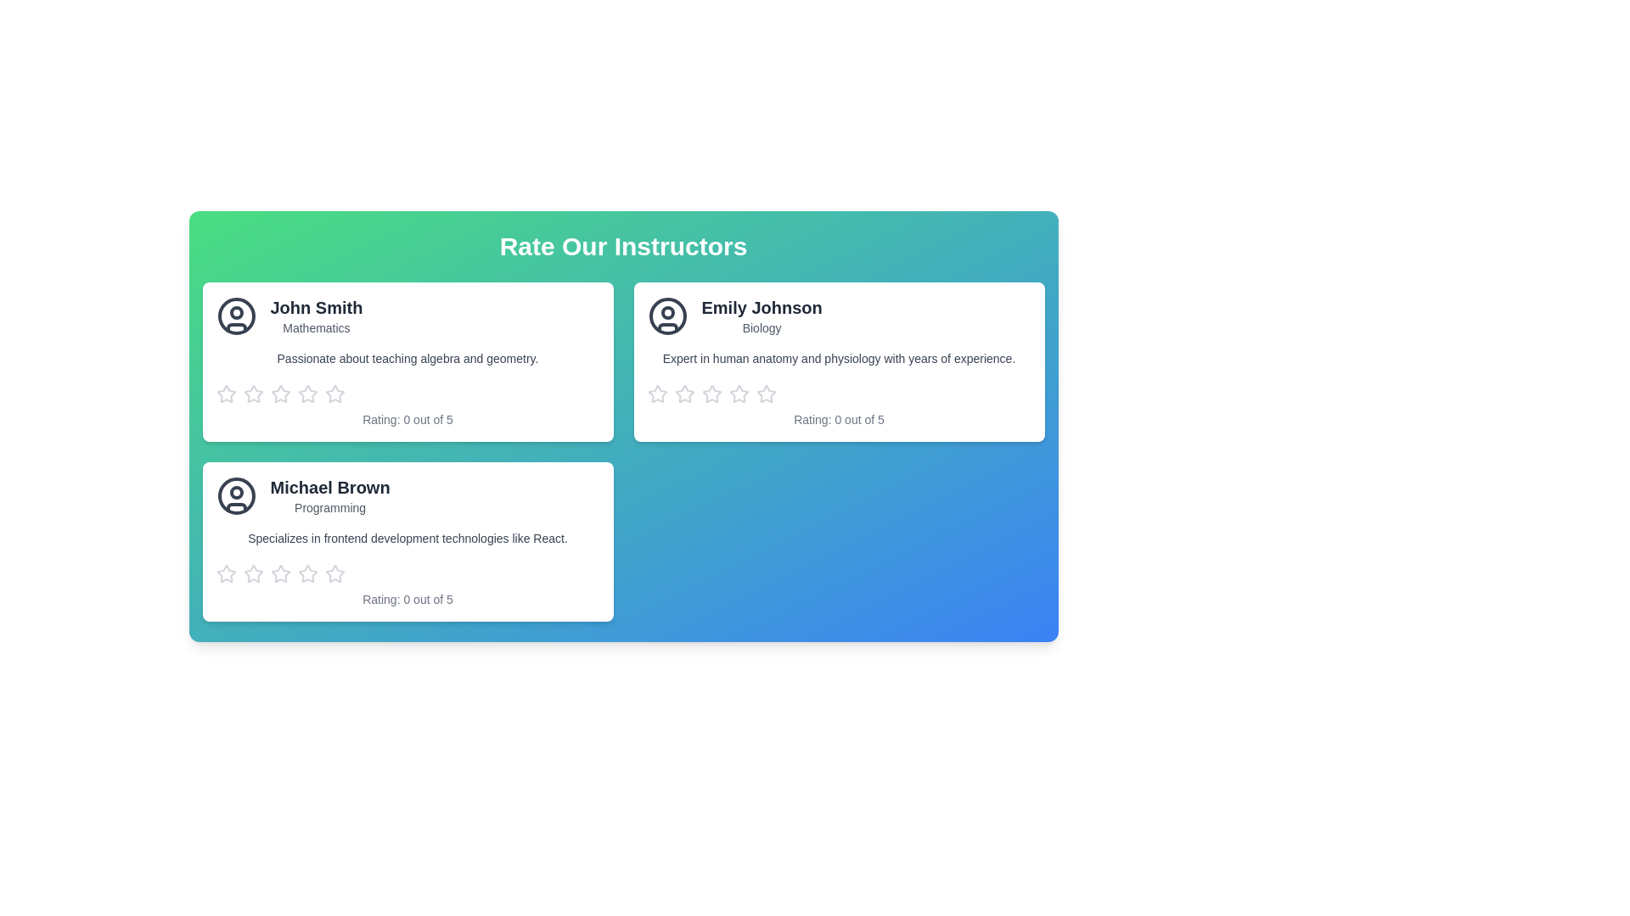  Describe the element at coordinates (761, 316) in the screenshot. I see `the label containing the text 'Emily Johnson' and 'Biology' in the second instructor card of the 'Rate Our Instructors' panel` at that location.